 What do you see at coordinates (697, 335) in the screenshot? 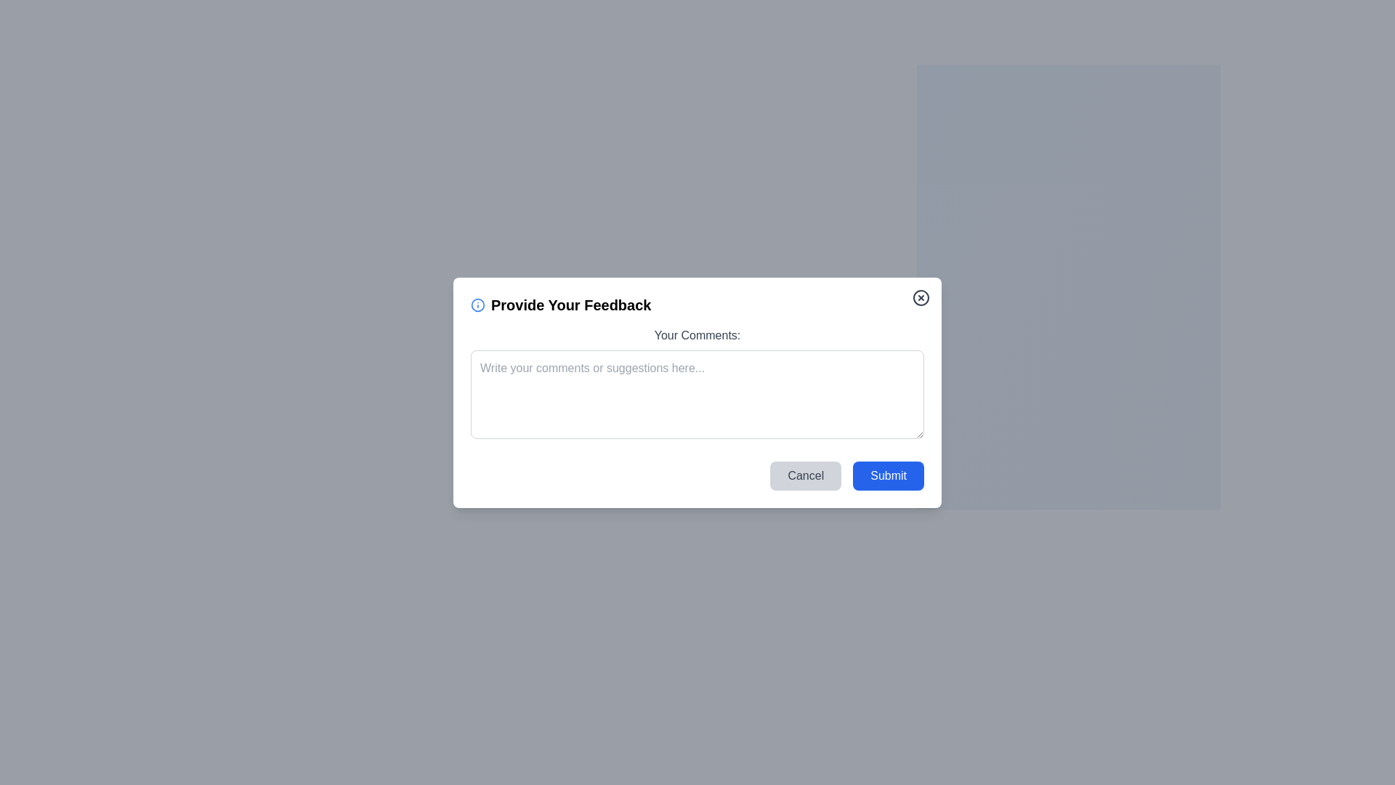
I see `the label text 'Your Comments:' which is styled in gray and located above the input text area in a centered modal dialog` at bounding box center [697, 335].